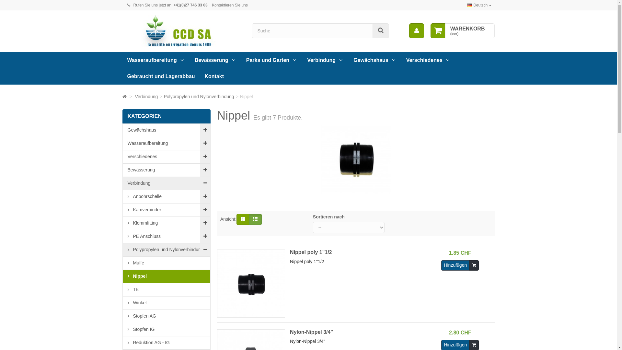 The image size is (622, 350). Describe the element at coordinates (166, 223) in the screenshot. I see `'Klemmfitting'` at that location.